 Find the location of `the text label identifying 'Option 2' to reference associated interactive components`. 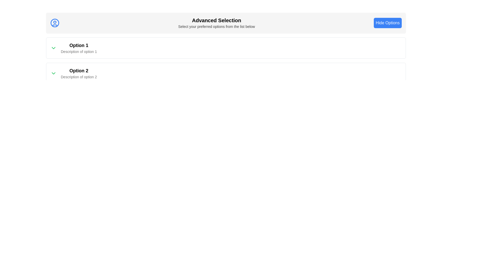

the text label identifying 'Option 2' to reference associated interactive components is located at coordinates (78, 71).